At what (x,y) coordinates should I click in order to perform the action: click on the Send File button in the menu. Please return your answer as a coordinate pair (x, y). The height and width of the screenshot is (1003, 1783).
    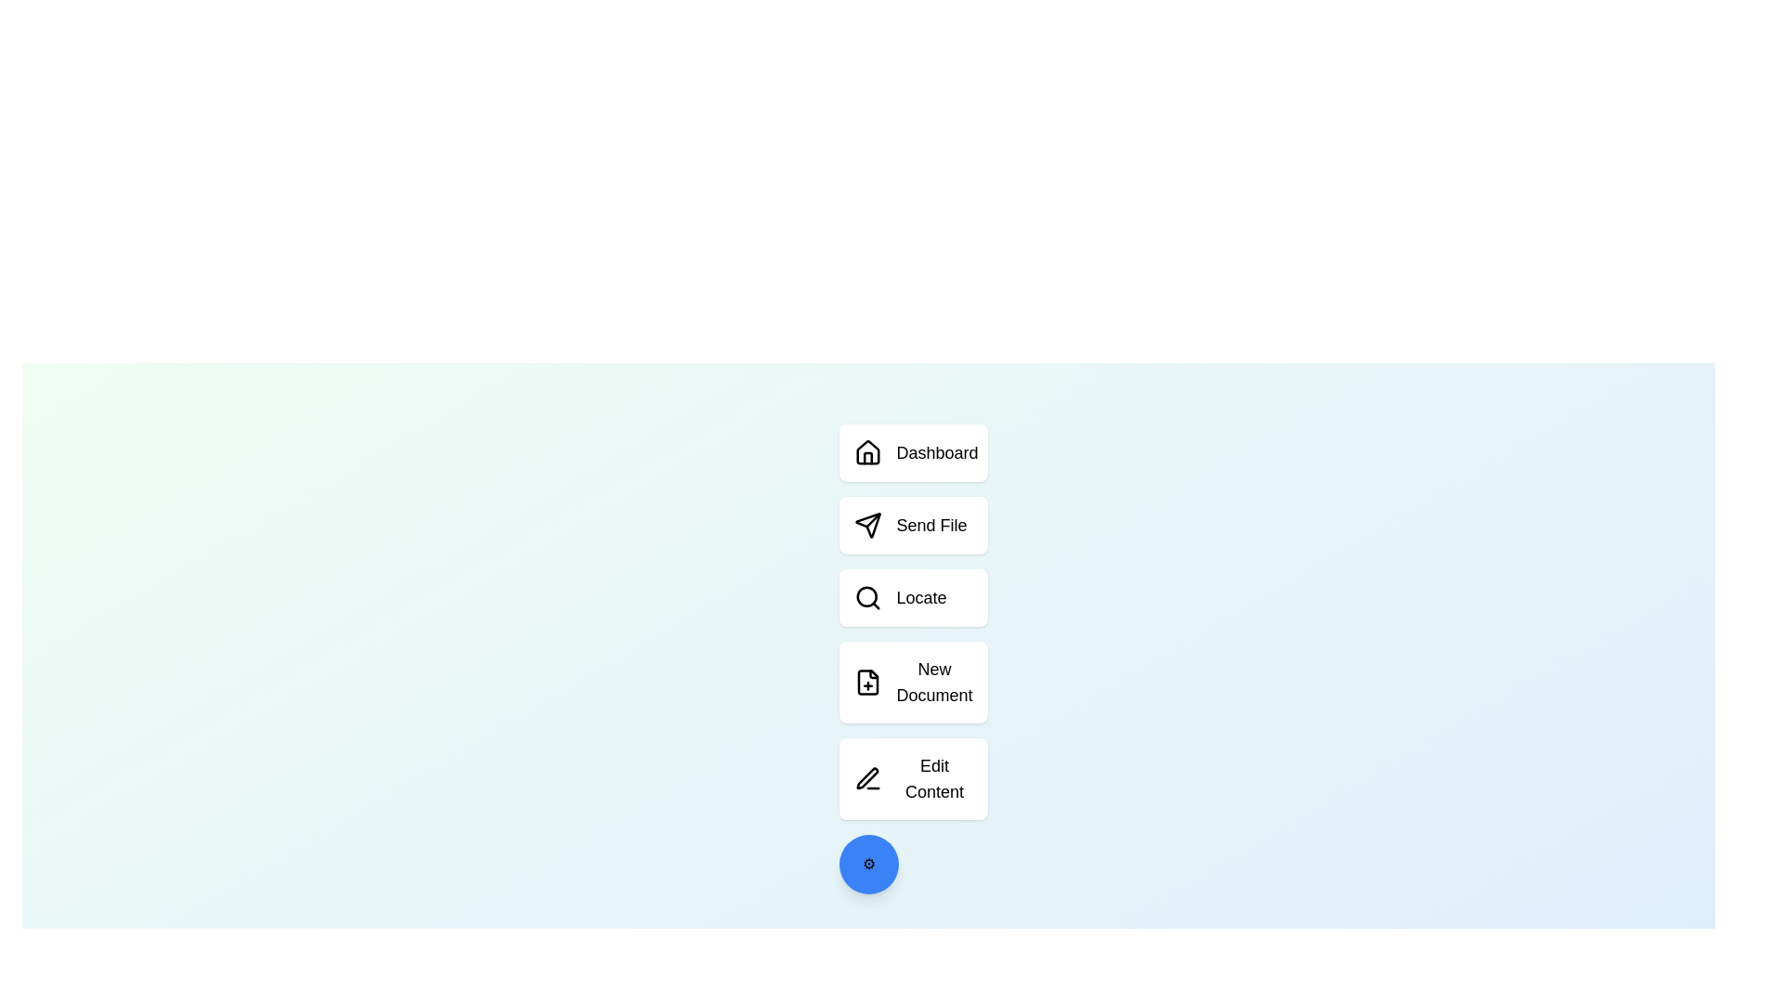
    Looking at the image, I should click on (913, 526).